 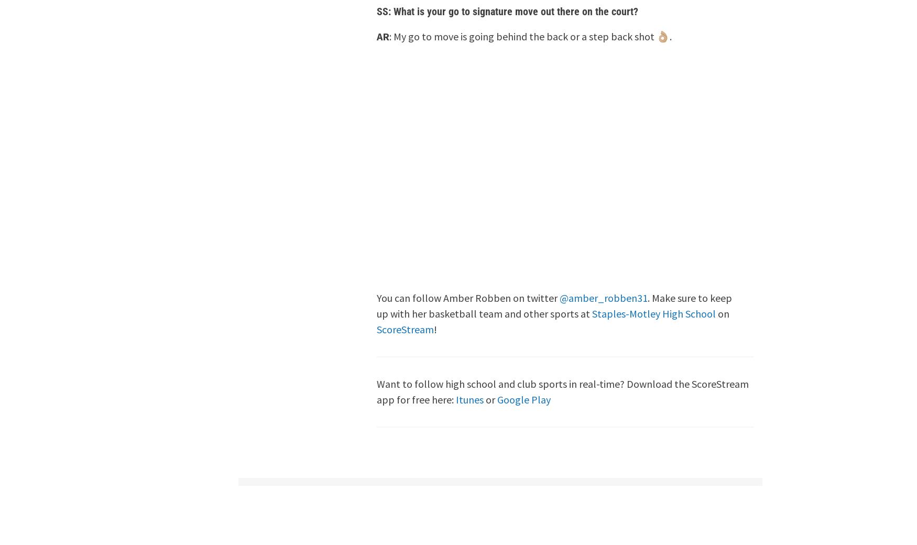 I want to click on '@amber_robben31', so click(x=560, y=297).